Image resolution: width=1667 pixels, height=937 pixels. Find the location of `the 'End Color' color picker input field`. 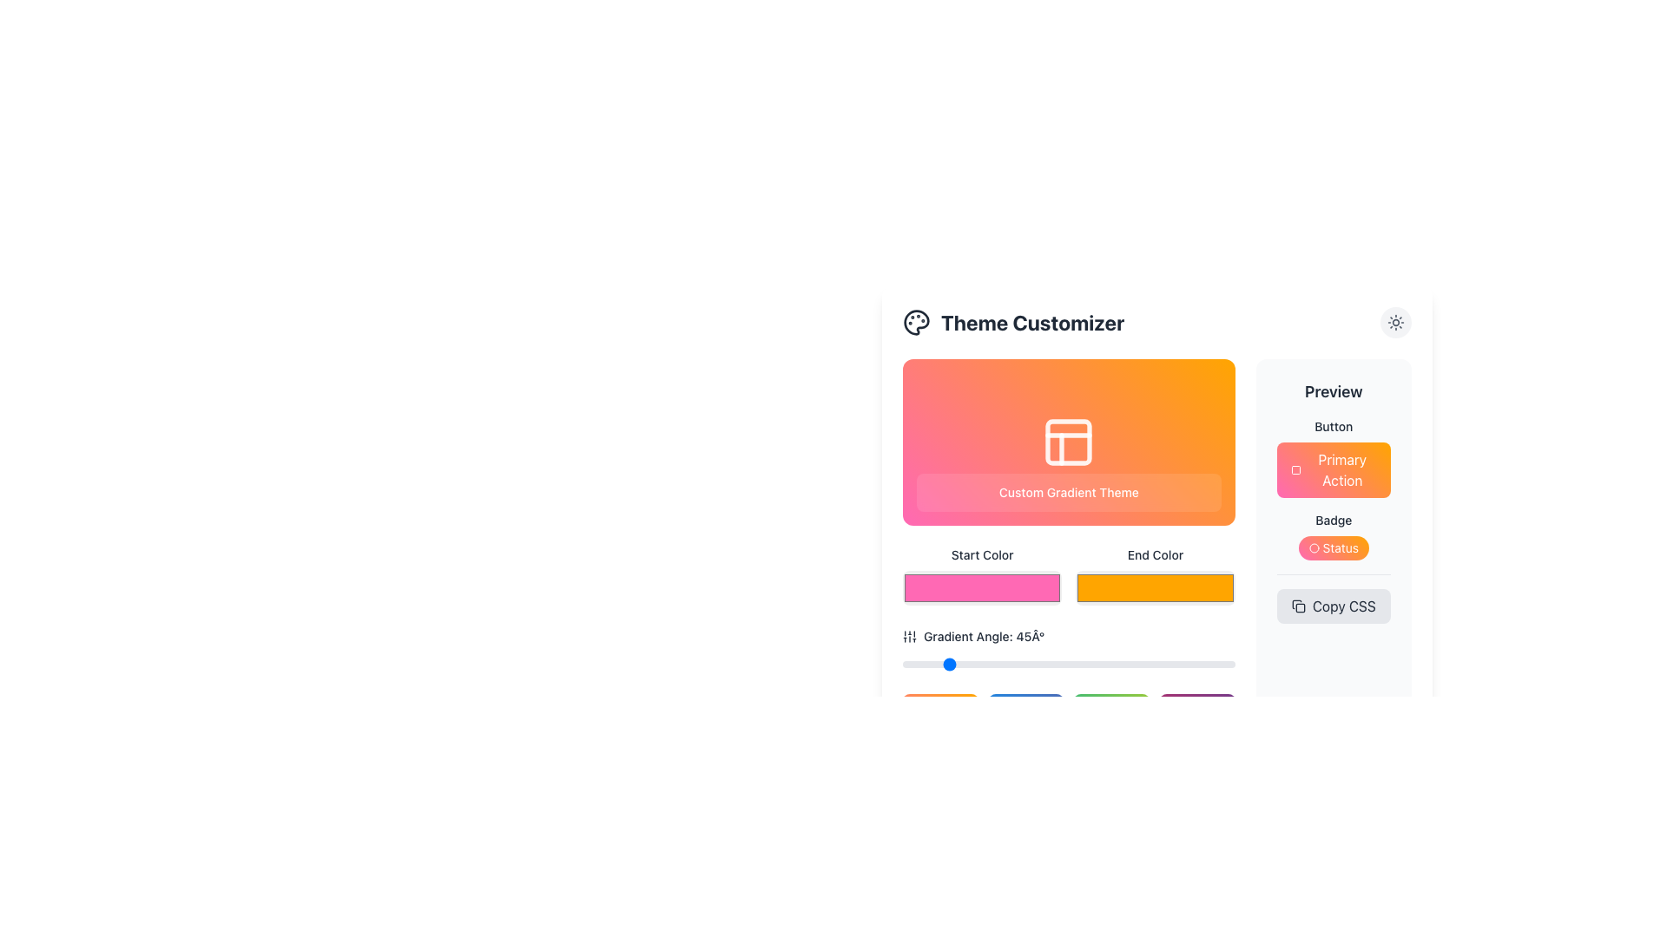

the 'End Color' color picker input field is located at coordinates (1154, 587).